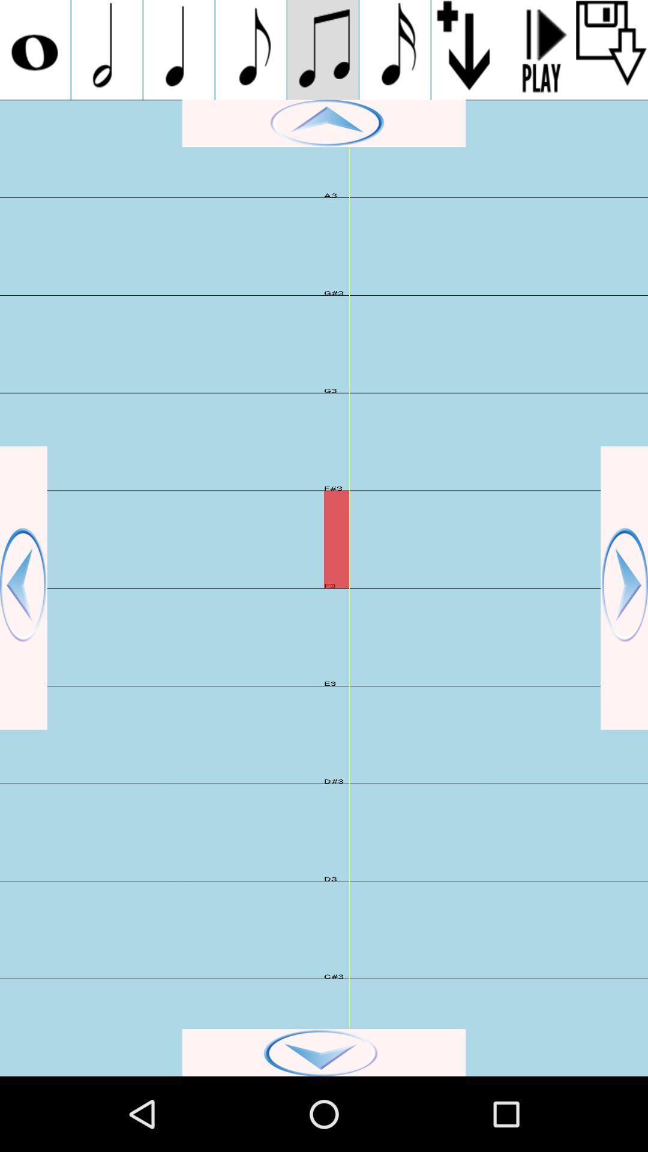  What do you see at coordinates (324, 1052) in the screenshot?
I see `go down` at bounding box center [324, 1052].